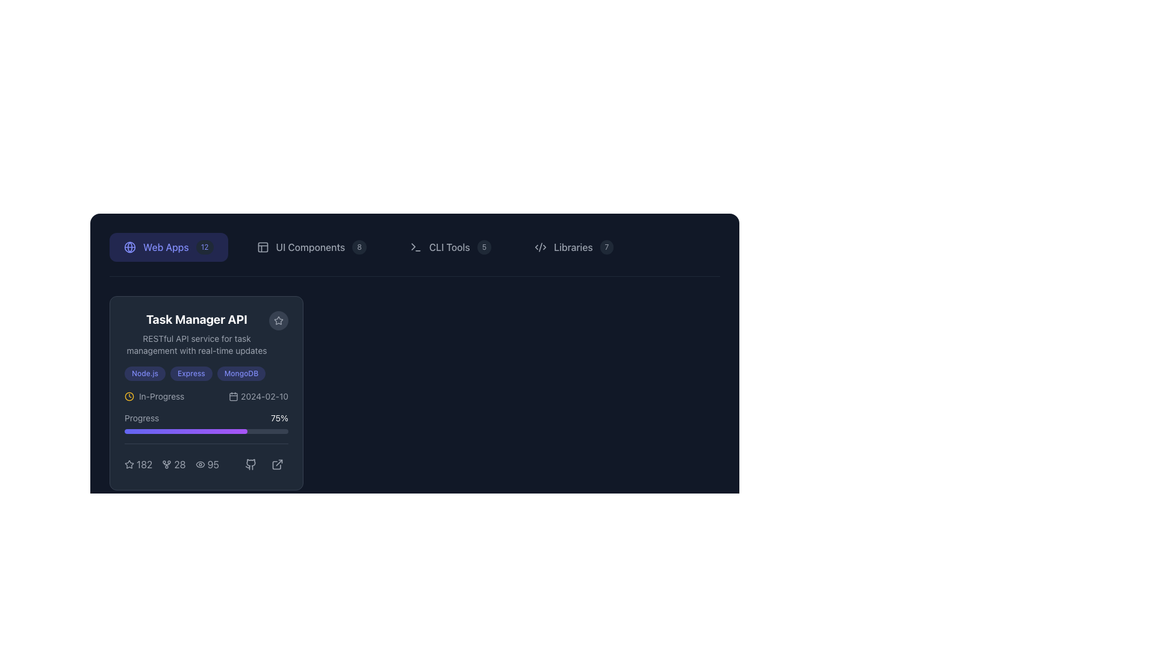 This screenshot has height=650, width=1156. Describe the element at coordinates (165, 247) in the screenshot. I see `the 'Web Apps' text label inside the leftmost button in the top navigation bar` at that location.